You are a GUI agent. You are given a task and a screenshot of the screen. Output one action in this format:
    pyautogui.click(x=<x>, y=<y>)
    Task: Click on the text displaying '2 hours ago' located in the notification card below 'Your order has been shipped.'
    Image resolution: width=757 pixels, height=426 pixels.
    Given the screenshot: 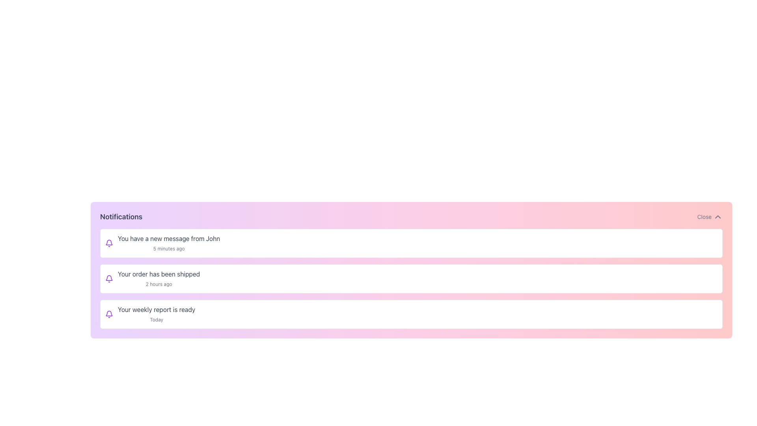 What is the action you would take?
    pyautogui.click(x=158, y=284)
    